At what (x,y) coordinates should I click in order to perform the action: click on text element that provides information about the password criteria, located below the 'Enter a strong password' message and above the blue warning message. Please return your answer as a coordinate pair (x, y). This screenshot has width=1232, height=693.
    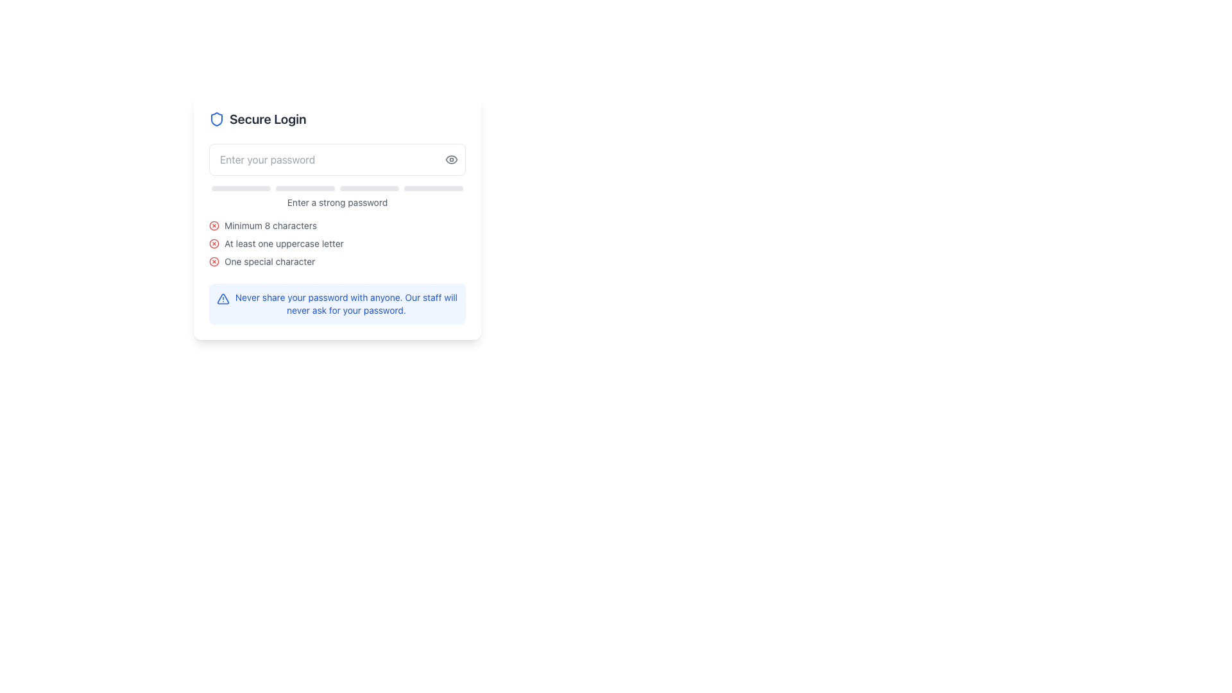
    Looking at the image, I should click on (338, 244).